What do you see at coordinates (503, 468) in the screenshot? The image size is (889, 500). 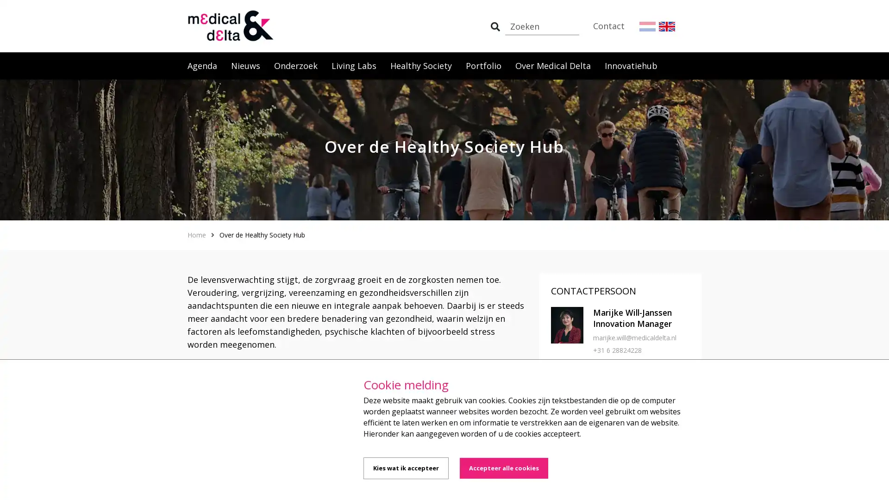 I see `Accepteer alle cookies` at bounding box center [503, 468].